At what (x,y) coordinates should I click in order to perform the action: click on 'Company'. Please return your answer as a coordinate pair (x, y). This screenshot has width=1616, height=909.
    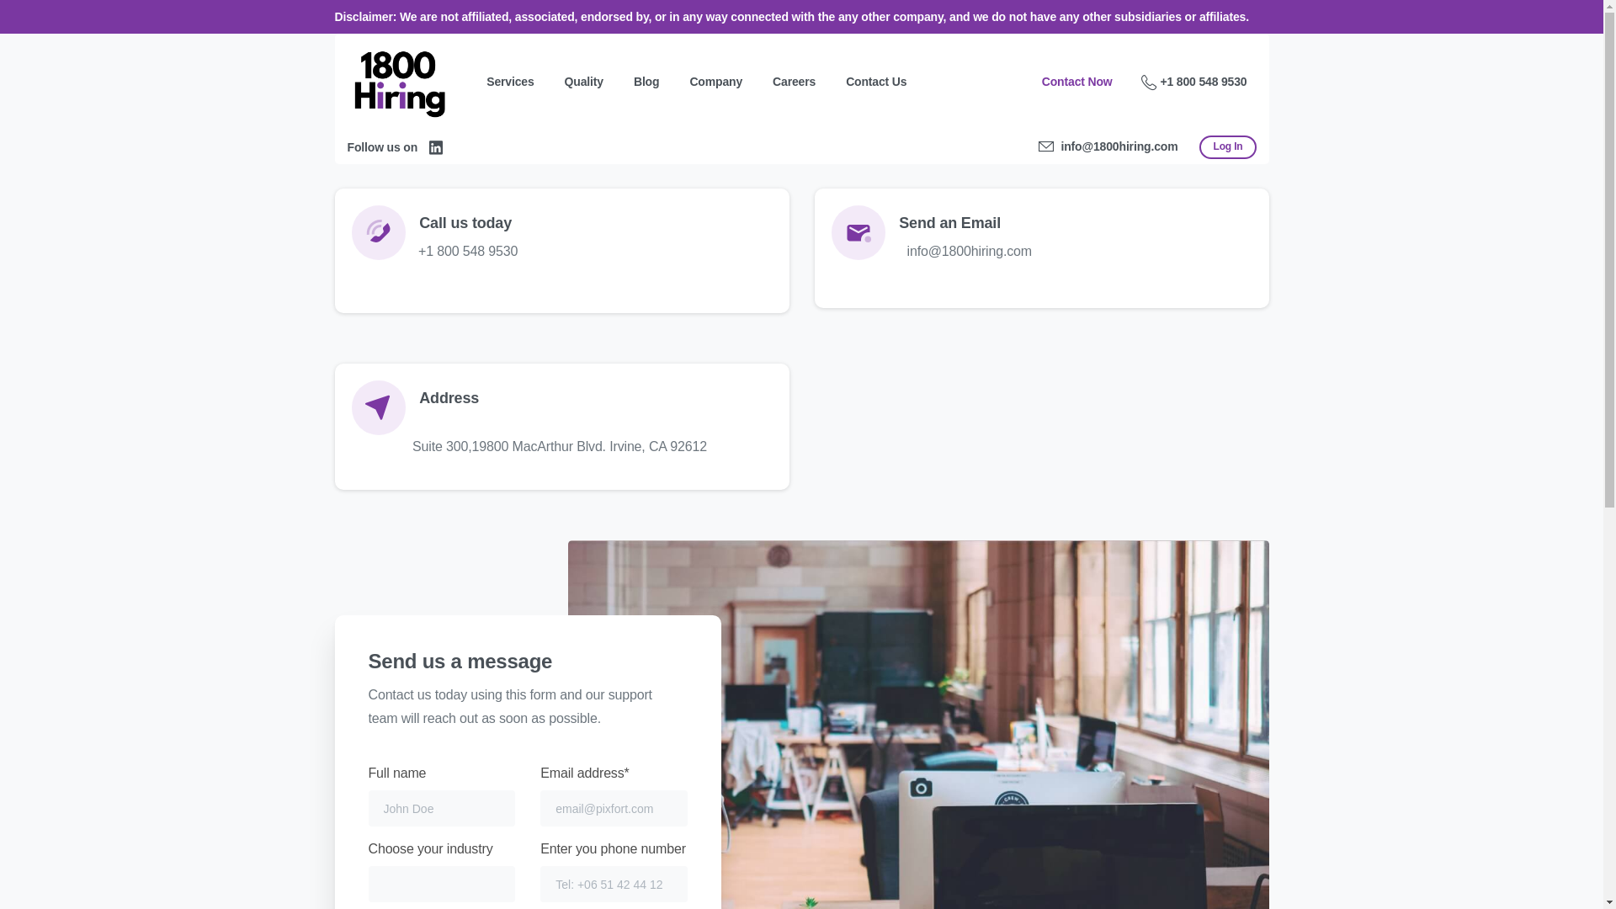
    Looking at the image, I should click on (715, 82).